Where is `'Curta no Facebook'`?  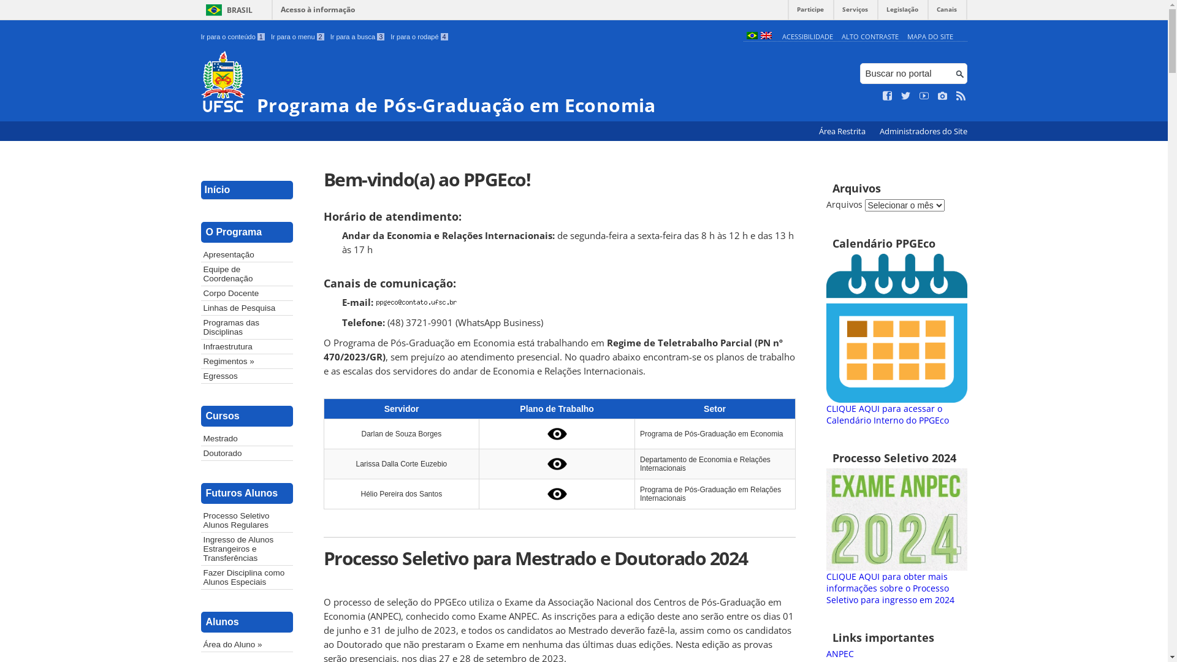
'Curta no Facebook' is located at coordinates (888, 96).